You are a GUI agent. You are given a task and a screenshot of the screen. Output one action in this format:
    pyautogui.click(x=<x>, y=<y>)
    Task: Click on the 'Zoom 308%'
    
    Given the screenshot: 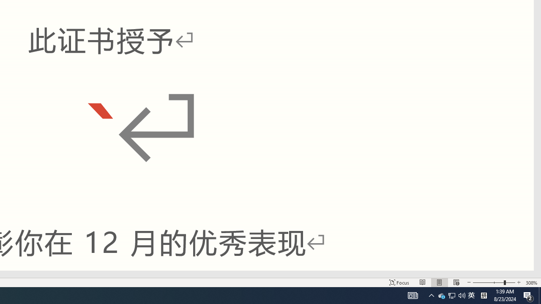 What is the action you would take?
    pyautogui.click(x=531, y=282)
    